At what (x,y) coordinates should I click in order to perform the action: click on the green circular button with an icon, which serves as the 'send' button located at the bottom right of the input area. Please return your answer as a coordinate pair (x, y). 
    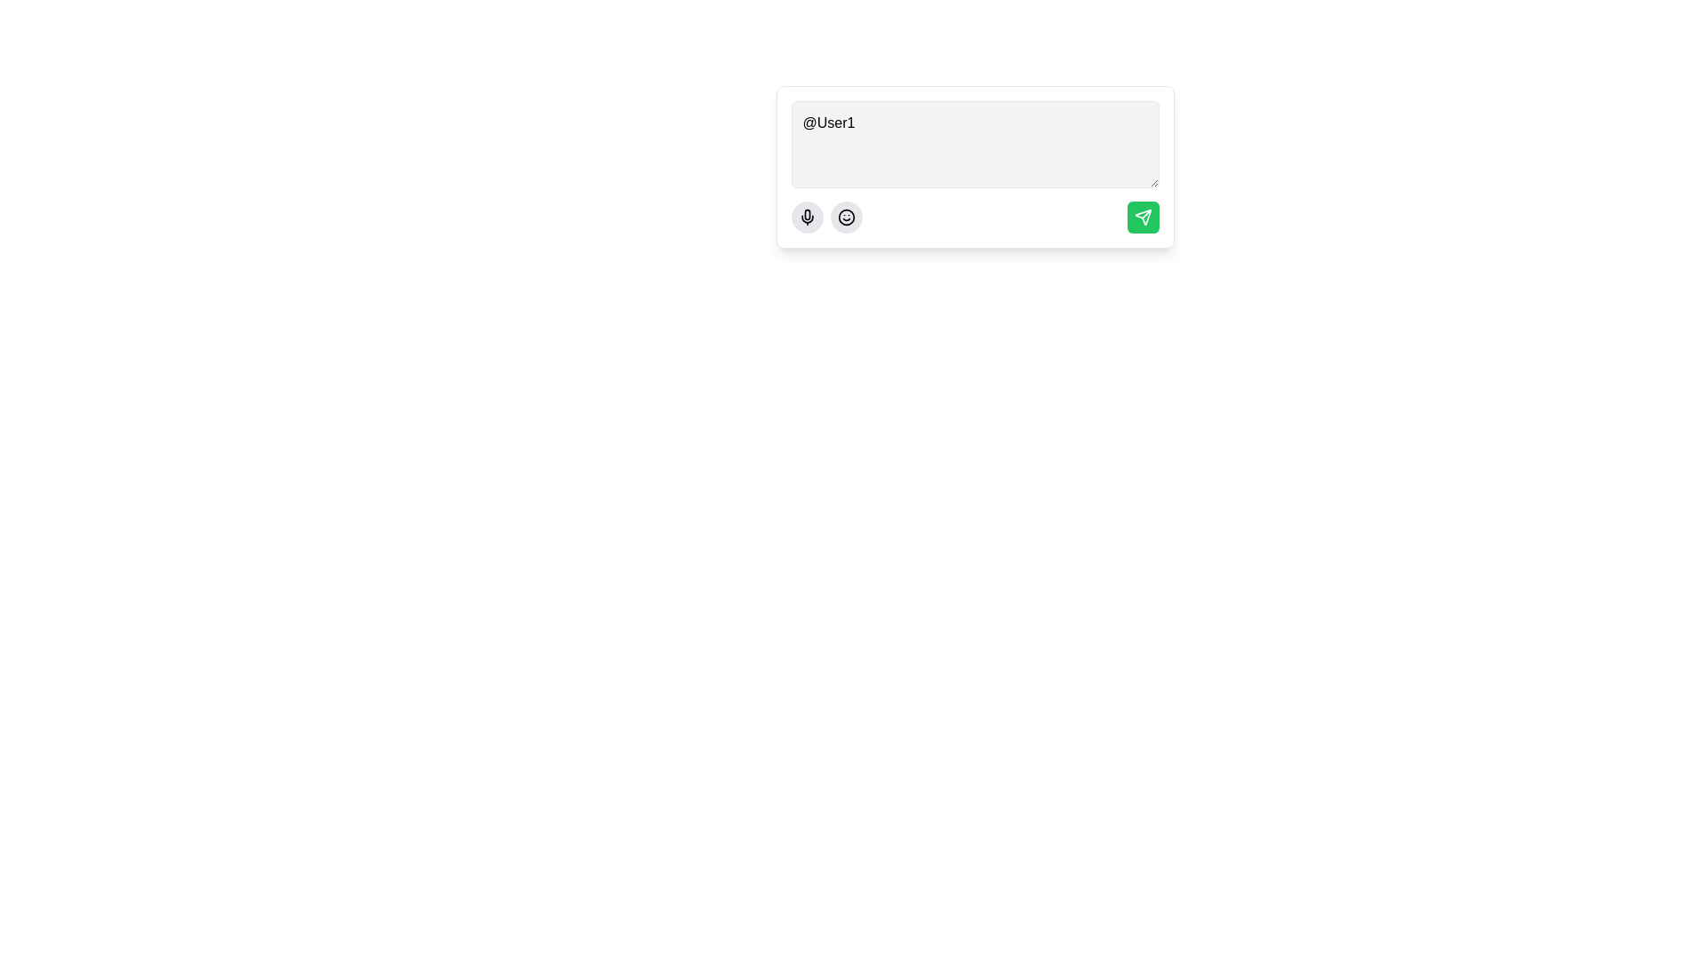
    Looking at the image, I should click on (1143, 217).